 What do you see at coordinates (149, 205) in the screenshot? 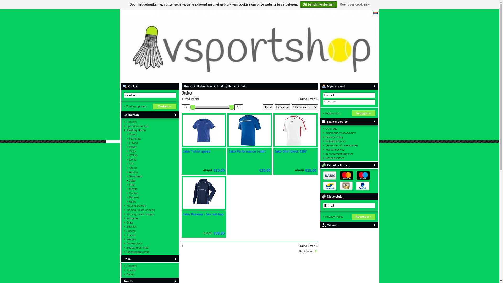
I see `'Kleding Dames'` at bounding box center [149, 205].